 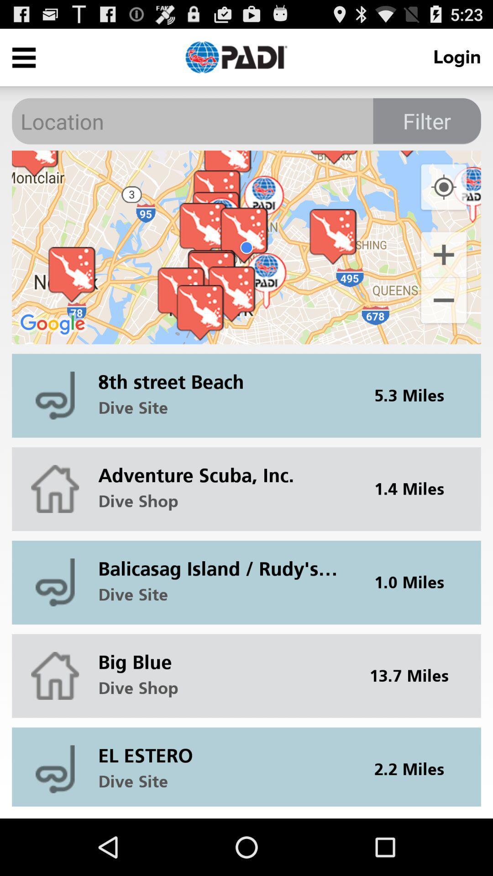 I want to click on the add icon, so click(x=443, y=271).